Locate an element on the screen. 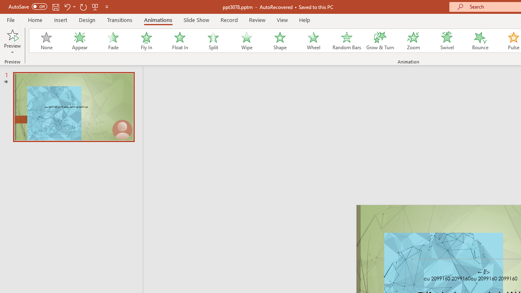  'Fade' is located at coordinates (112, 41).